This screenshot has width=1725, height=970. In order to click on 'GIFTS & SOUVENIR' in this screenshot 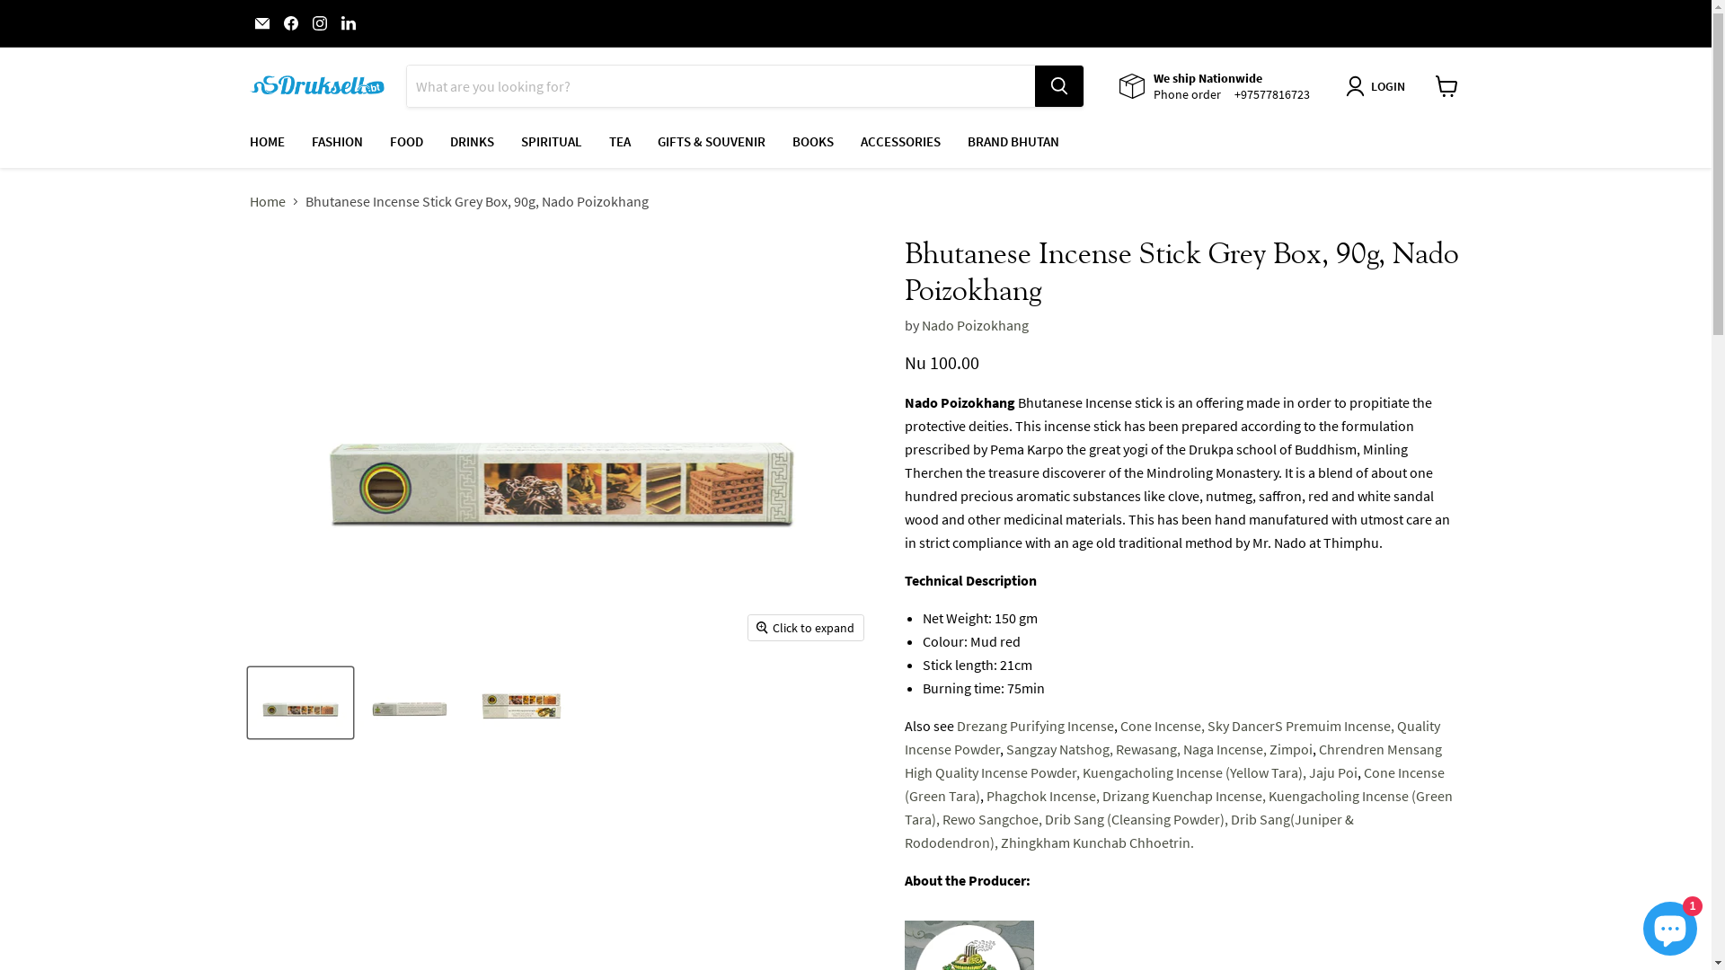, I will do `click(710, 141)`.